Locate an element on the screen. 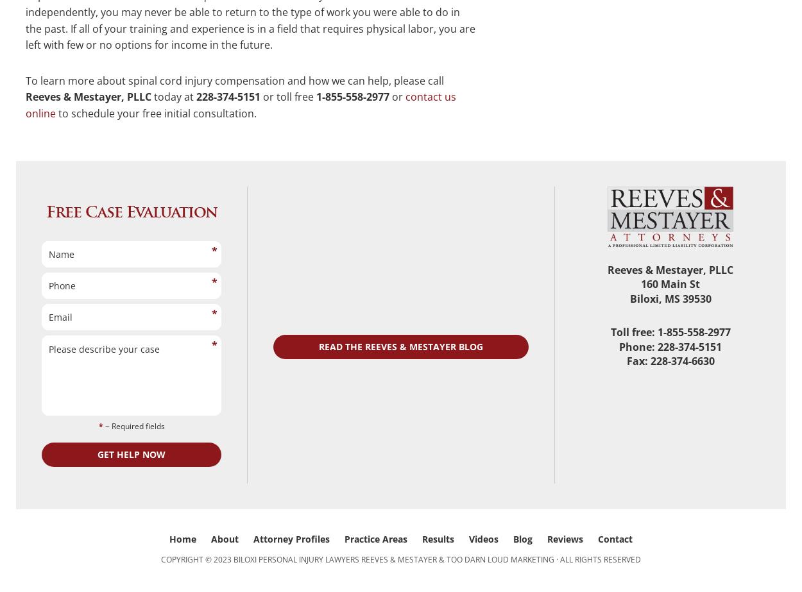 This screenshot has width=802, height=592. 'About' is located at coordinates (224, 538).